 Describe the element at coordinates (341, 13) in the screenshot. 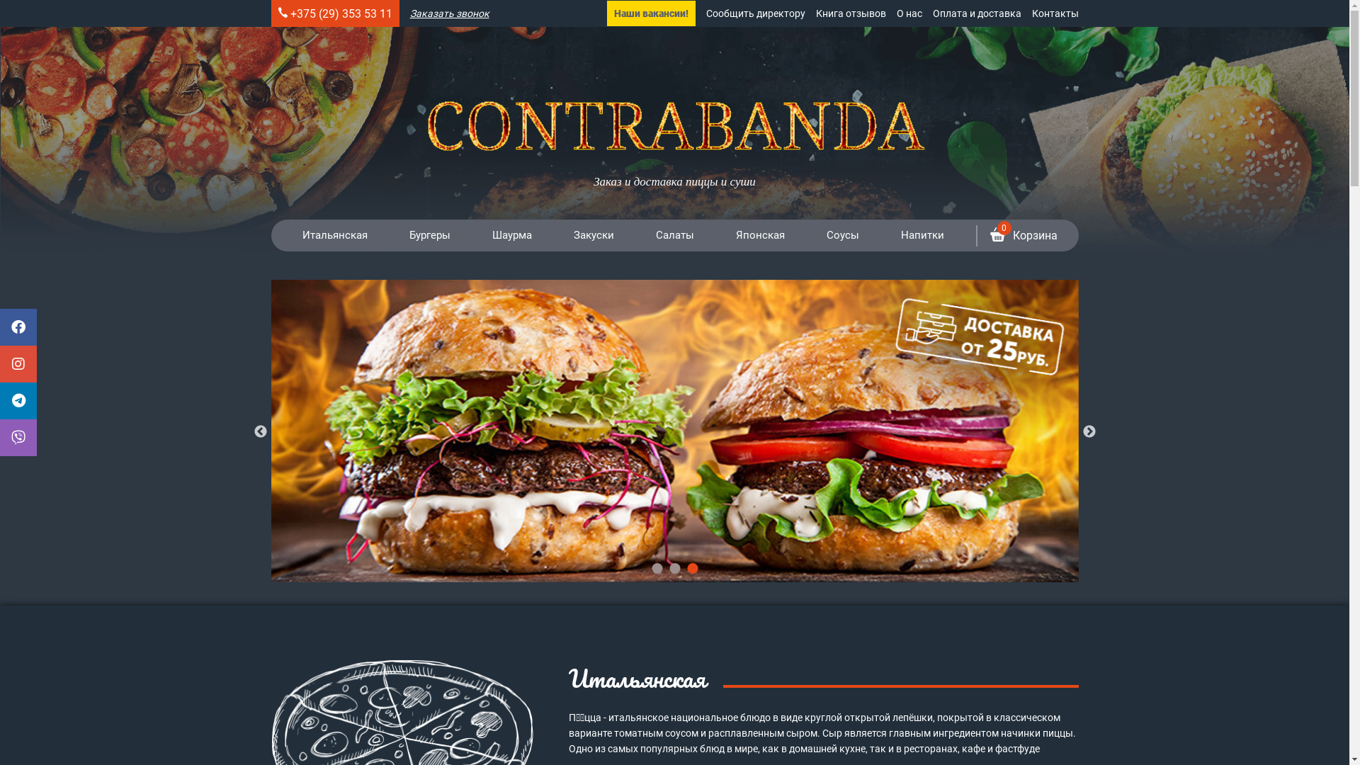

I see `'+375 (29) 353 53 11'` at that location.